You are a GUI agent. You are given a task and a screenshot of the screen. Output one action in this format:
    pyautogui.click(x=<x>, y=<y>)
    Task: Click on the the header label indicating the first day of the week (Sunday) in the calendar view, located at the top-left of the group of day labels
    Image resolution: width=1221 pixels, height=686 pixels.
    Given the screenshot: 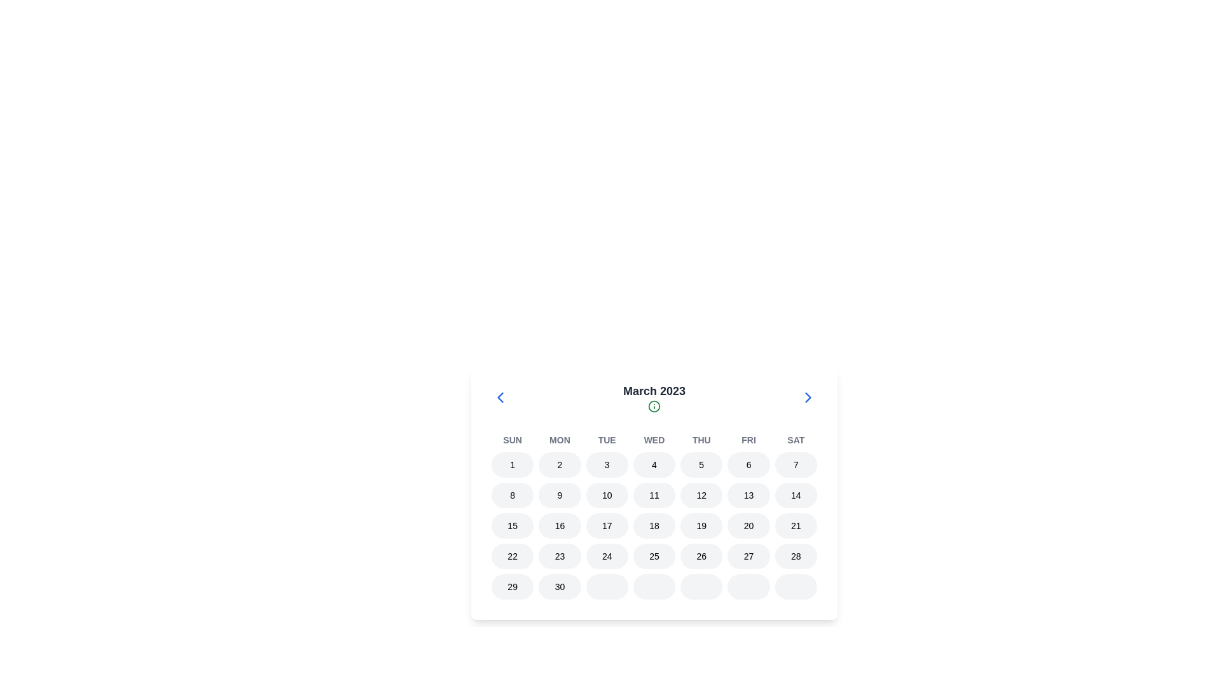 What is the action you would take?
    pyautogui.click(x=513, y=440)
    